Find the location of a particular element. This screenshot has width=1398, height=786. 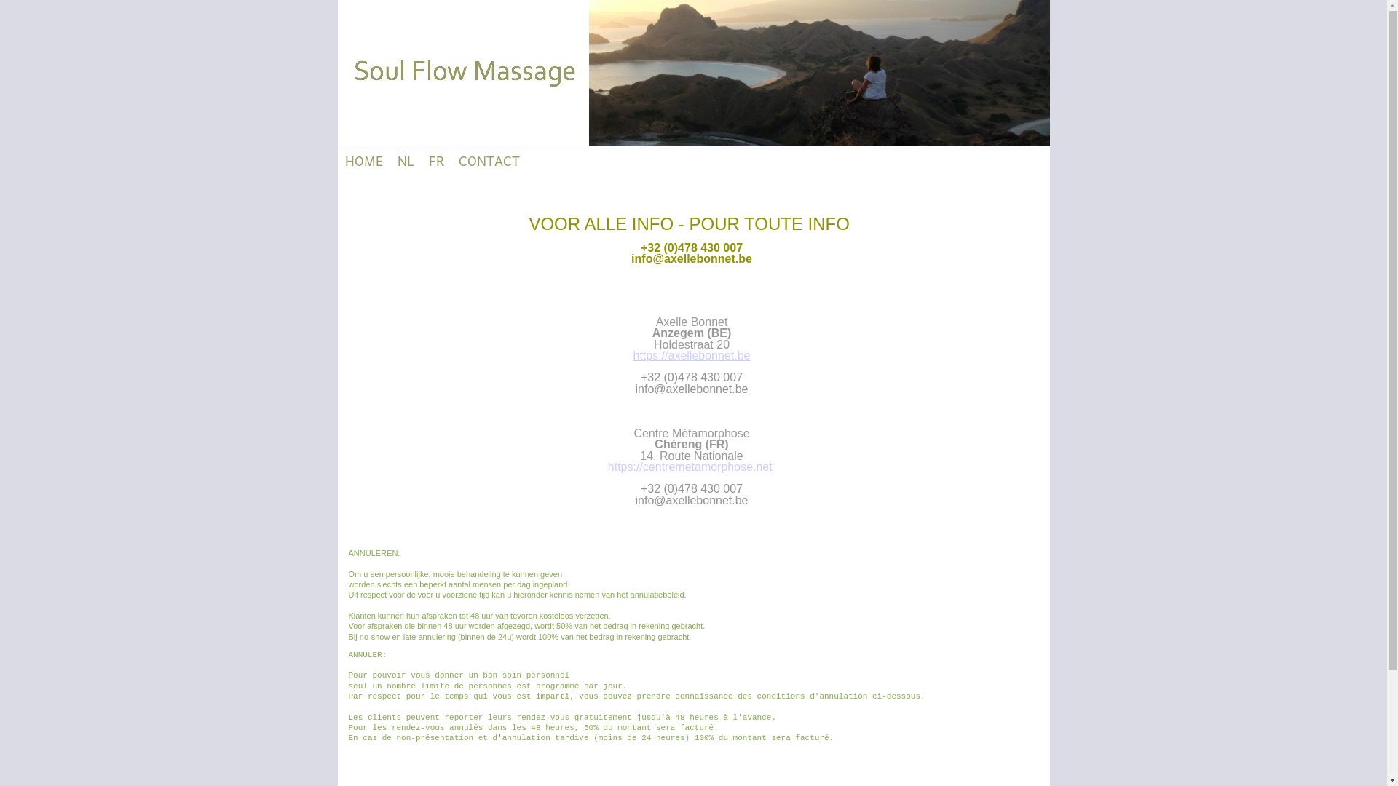

'FR' is located at coordinates (435, 160).